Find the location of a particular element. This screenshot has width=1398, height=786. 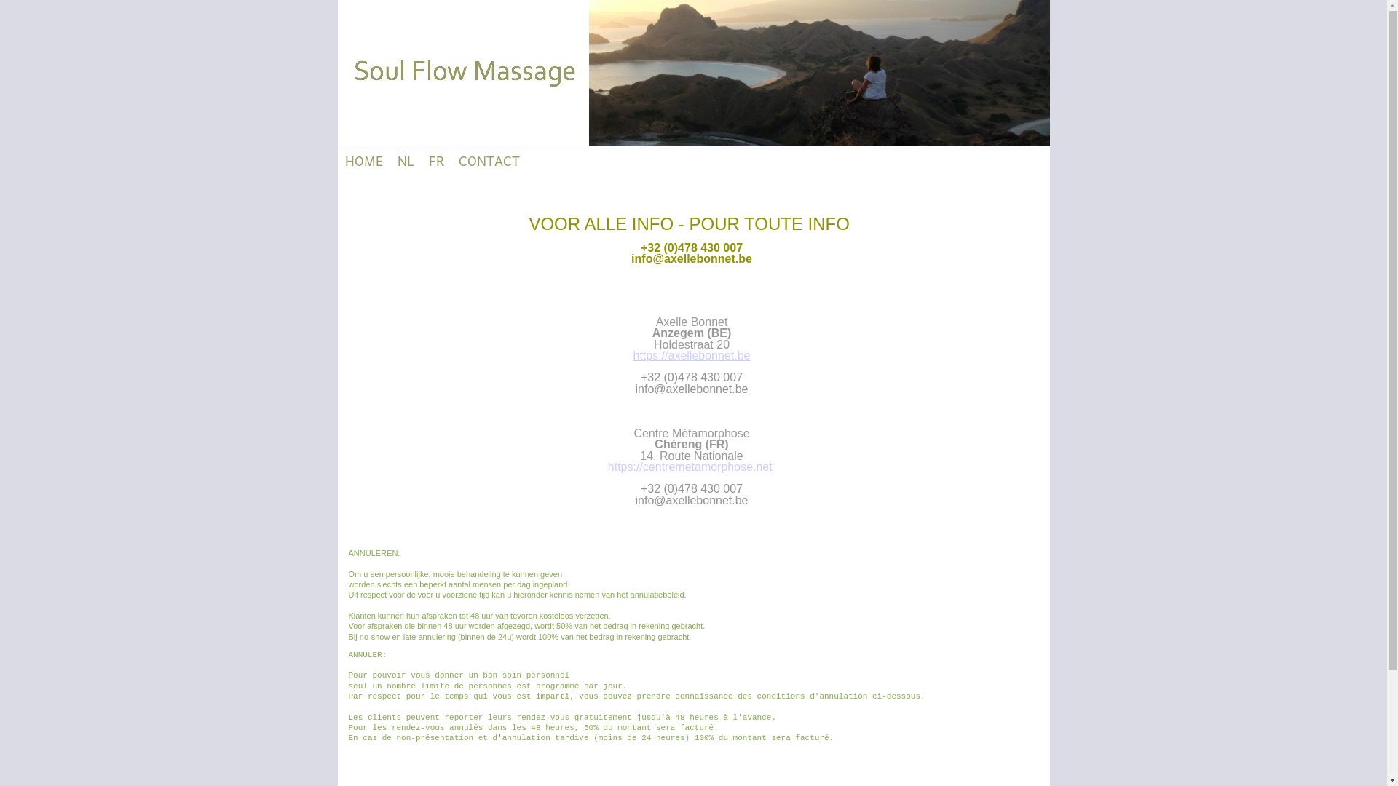

'FR' is located at coordinates (435, 160).